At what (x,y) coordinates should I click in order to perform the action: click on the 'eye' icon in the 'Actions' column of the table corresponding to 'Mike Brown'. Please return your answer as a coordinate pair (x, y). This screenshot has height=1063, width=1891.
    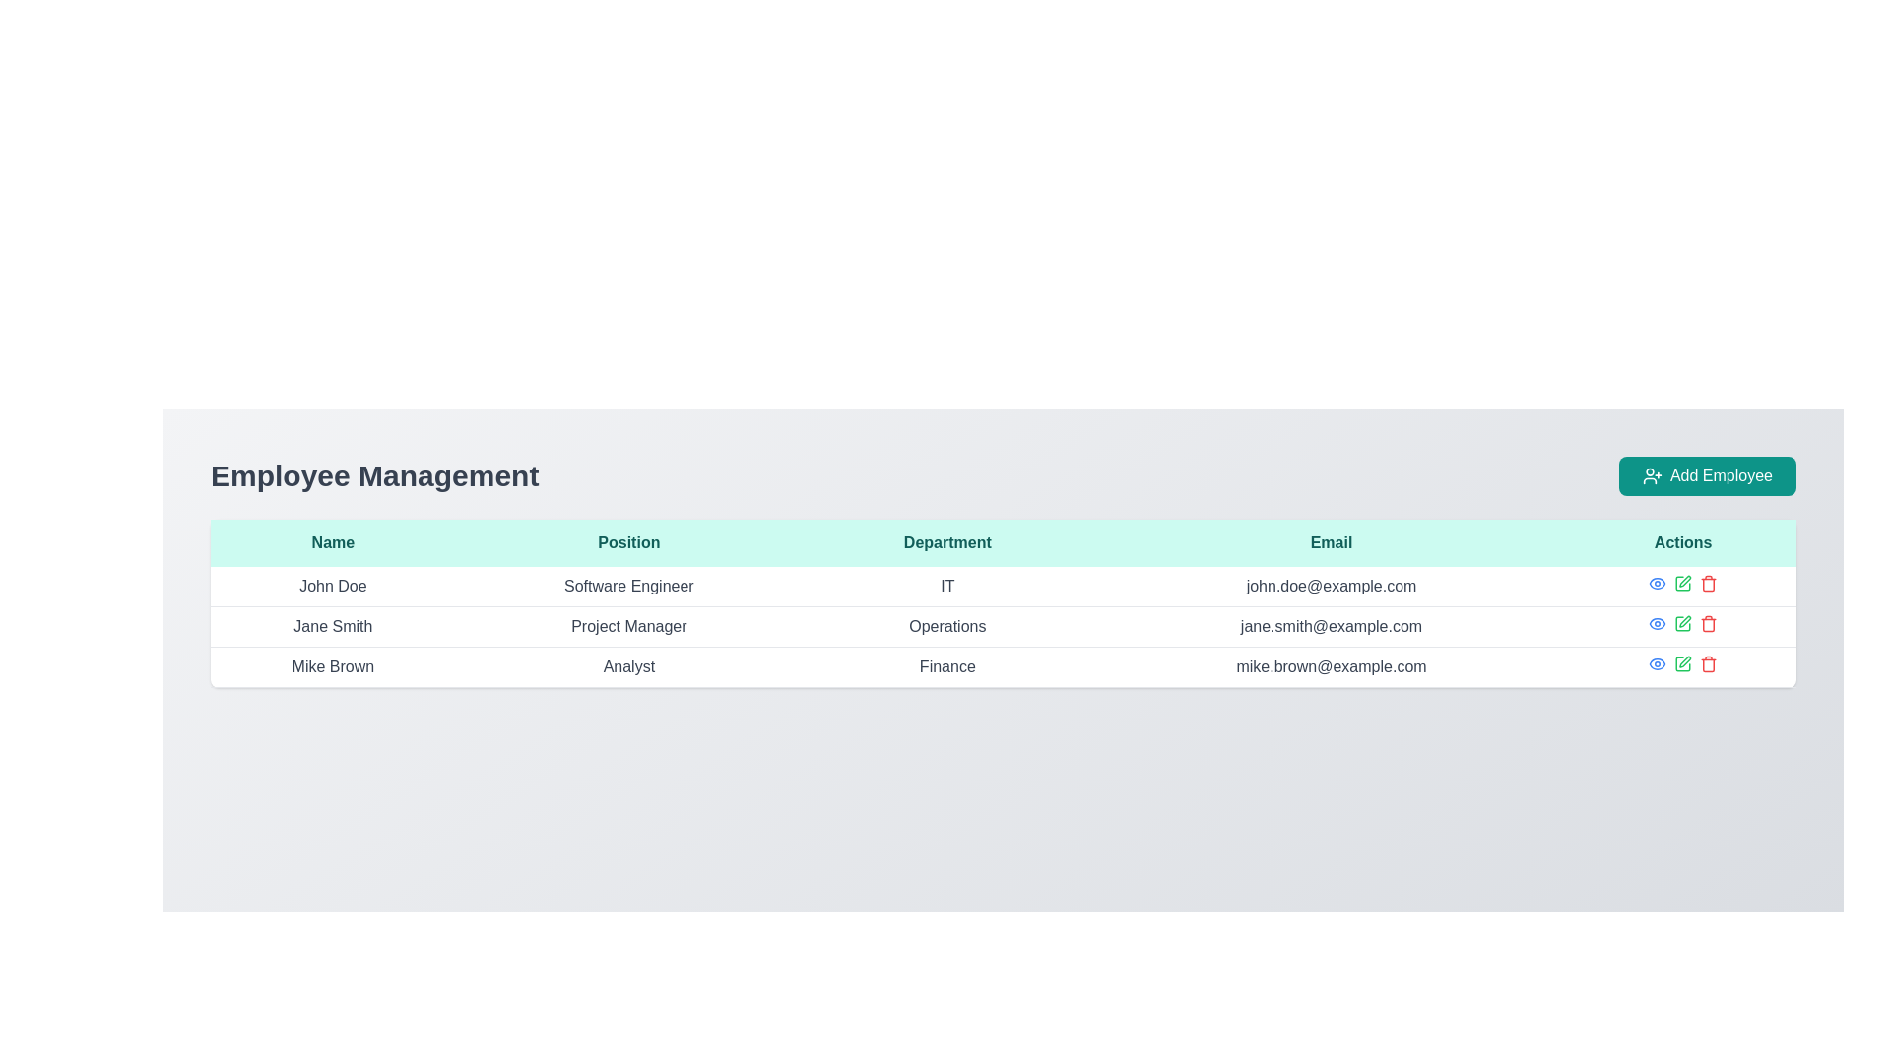
    Looking at the image, I should click on (1657, 623).